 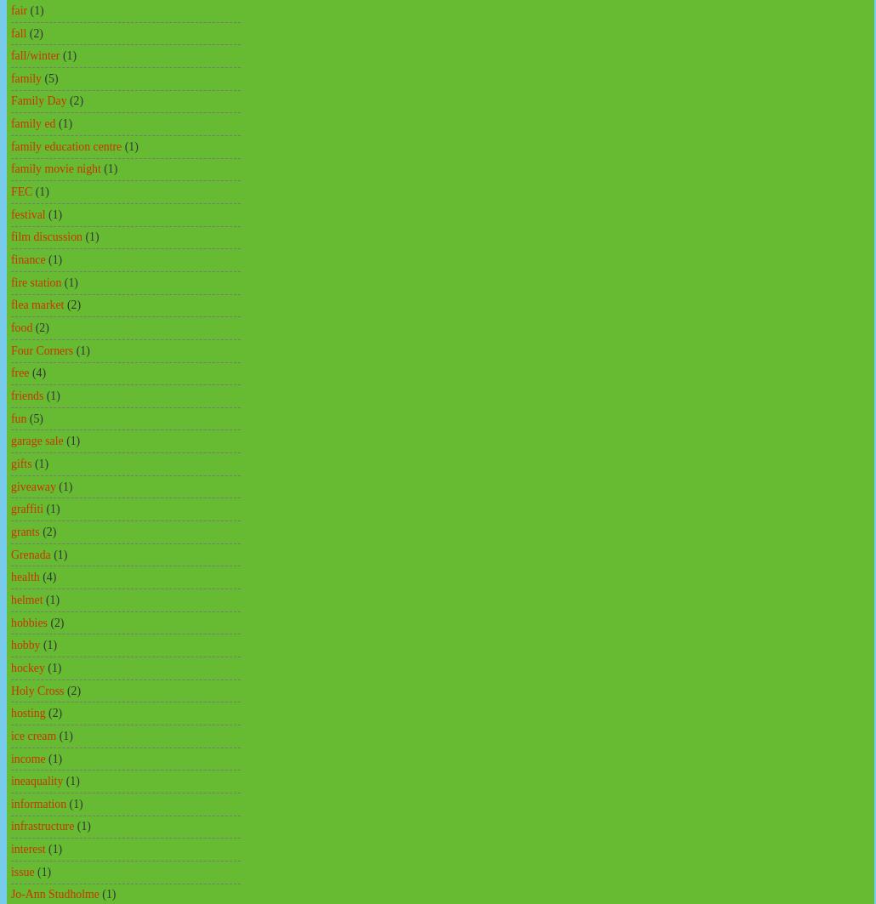 I want to click on 'fun', so click(x=19, y=418).